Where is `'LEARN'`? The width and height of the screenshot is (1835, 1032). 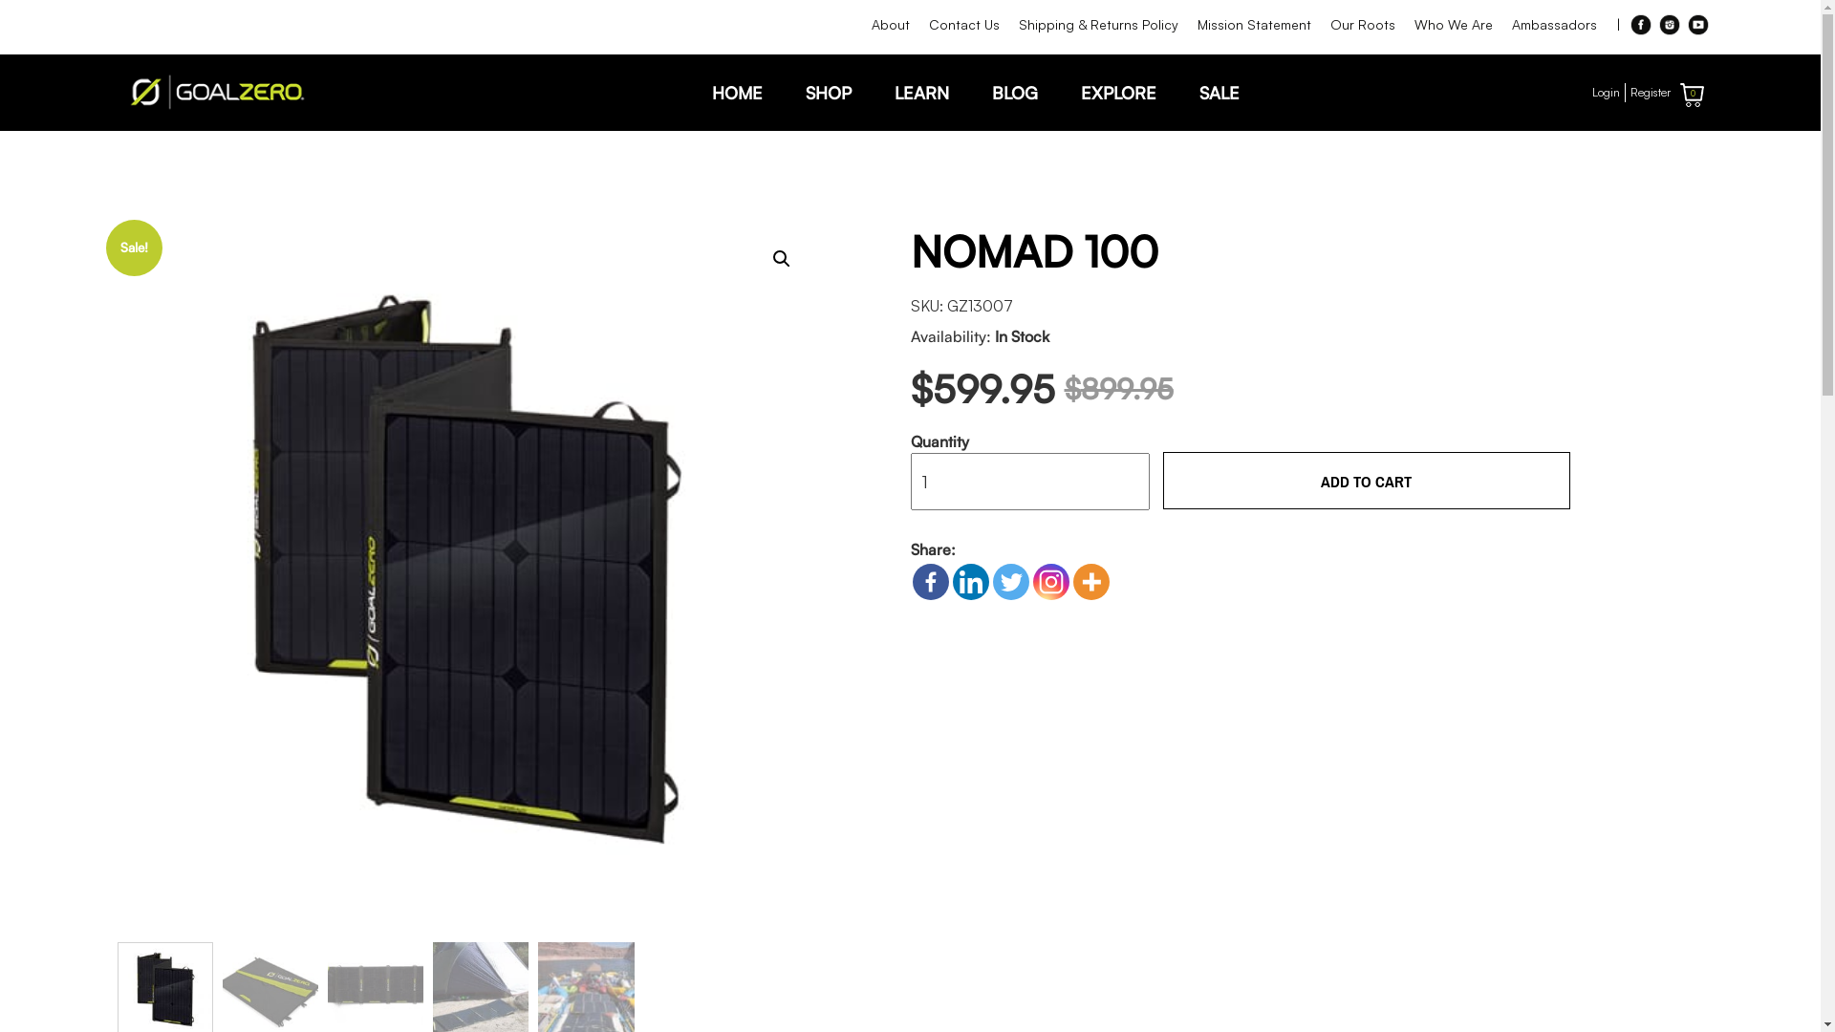 'LEARN' is located at coordinates (921, 92).